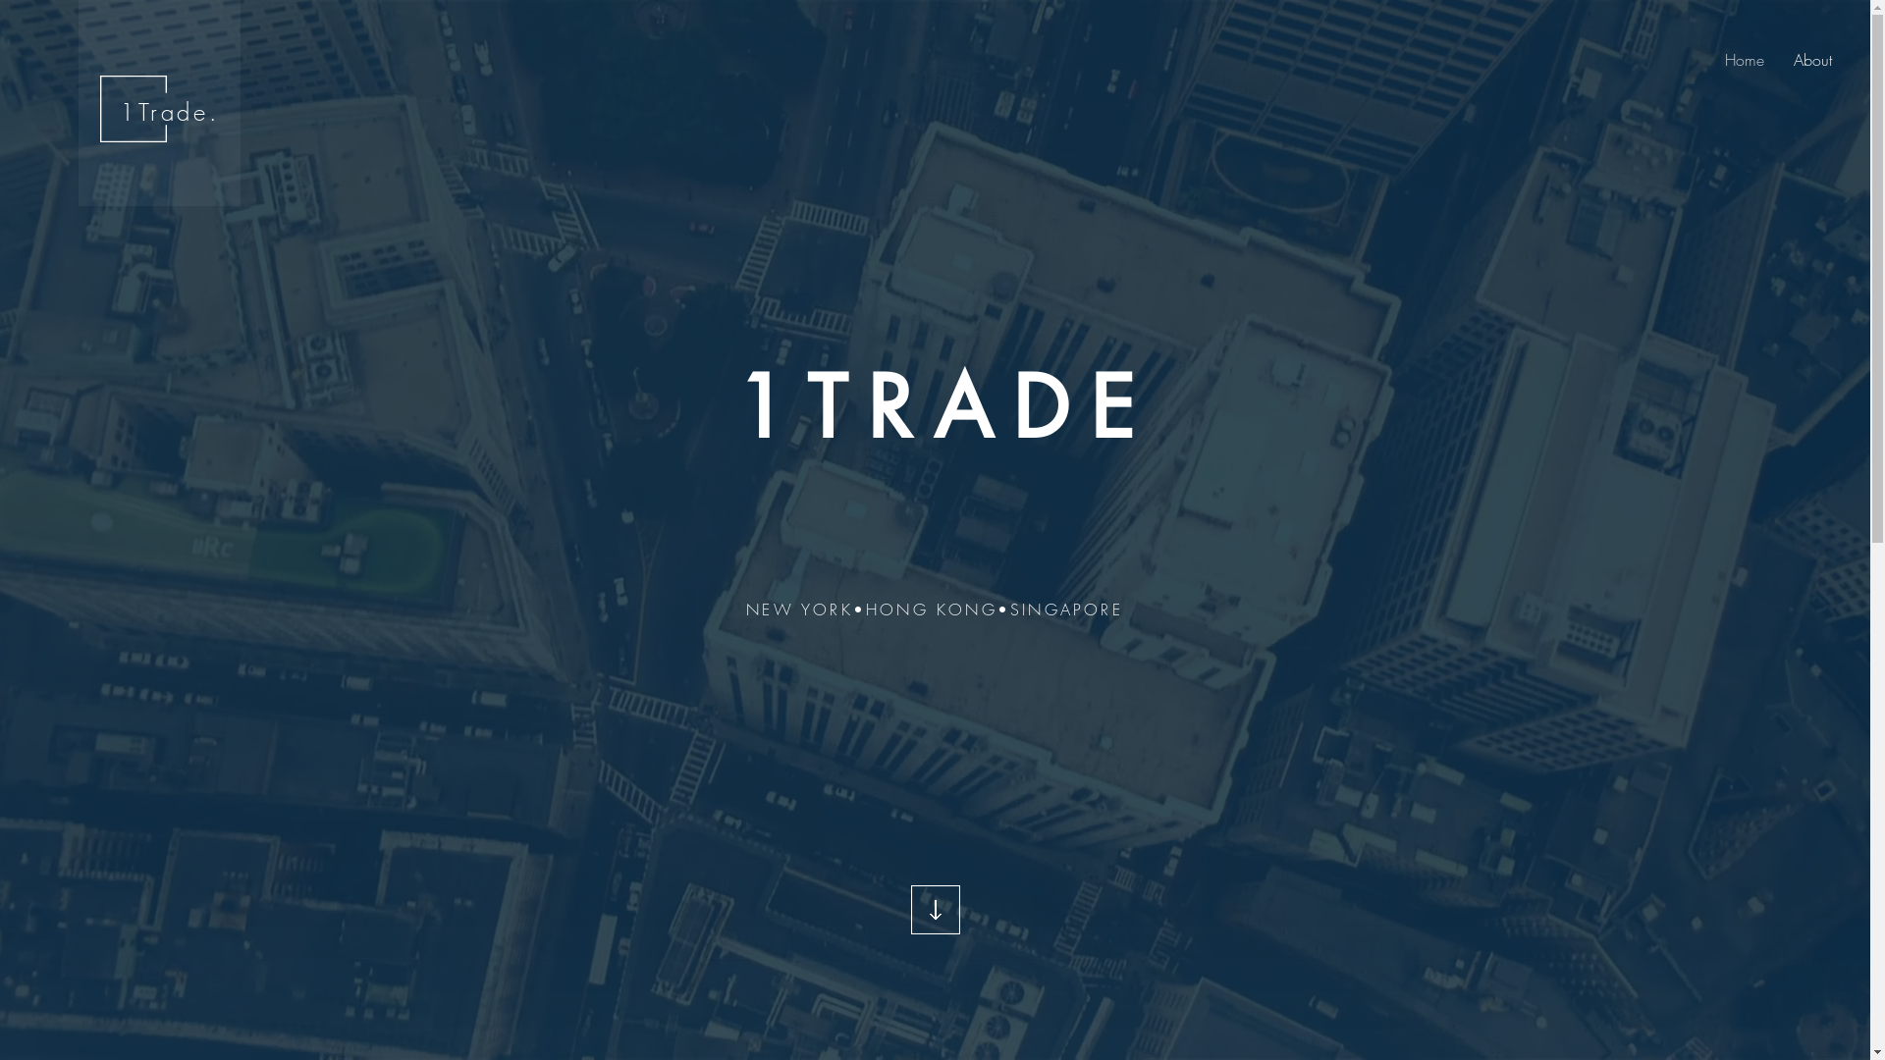 The height and width of the screenshot is (1060, 1885). What do you see at coordinates (169, 112) in the screenshot?
I see `'1Trade.'` at bounding box center [169, 112].